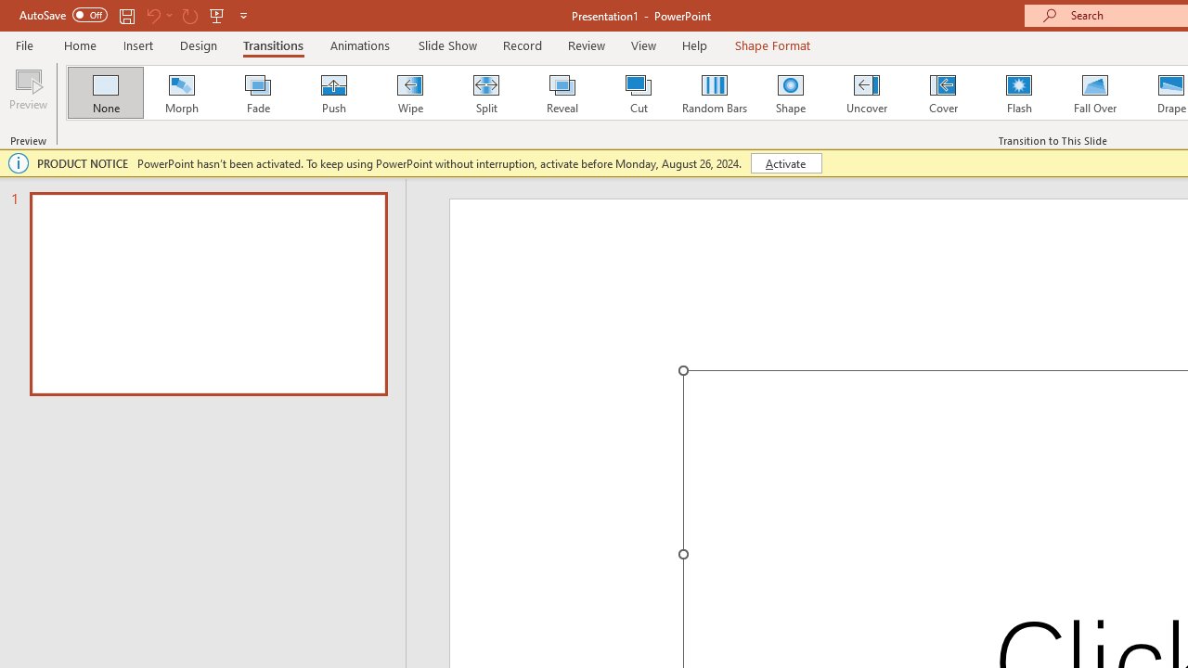  Describe the element at coordinates (561, 93) in the screenshot. I see `'Reveal'` at that location.